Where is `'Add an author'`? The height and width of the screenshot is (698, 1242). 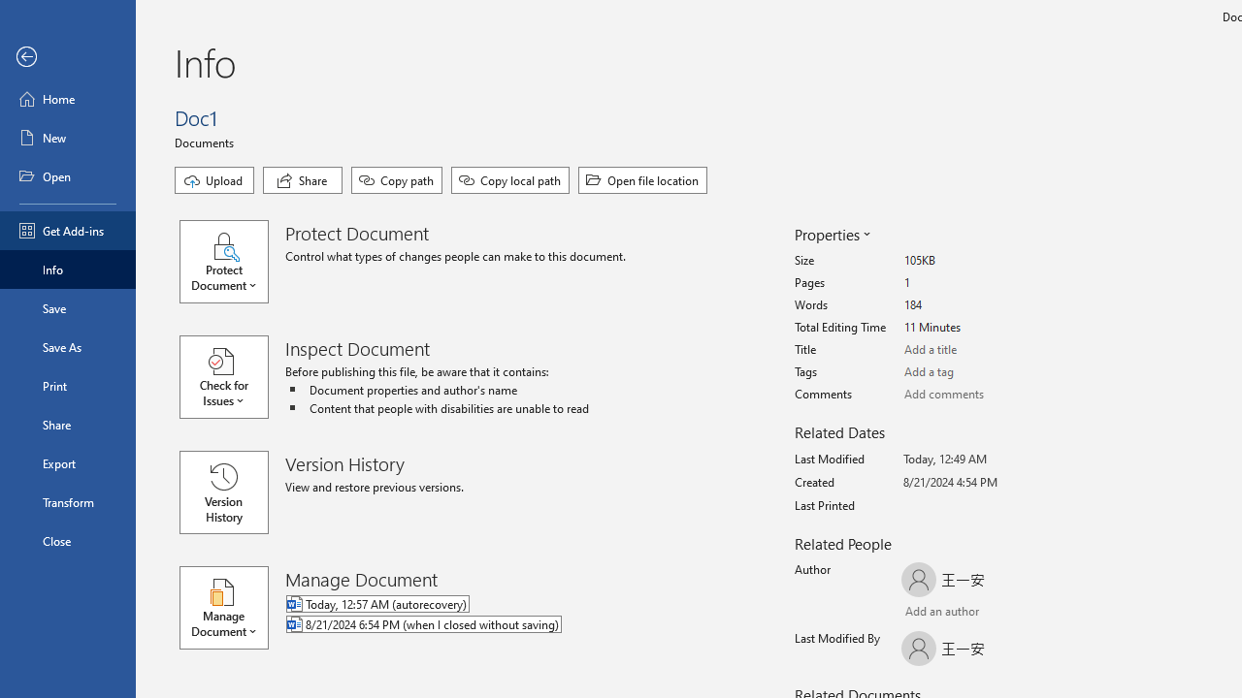 'Add an author' is located at coordinates (920, 613).